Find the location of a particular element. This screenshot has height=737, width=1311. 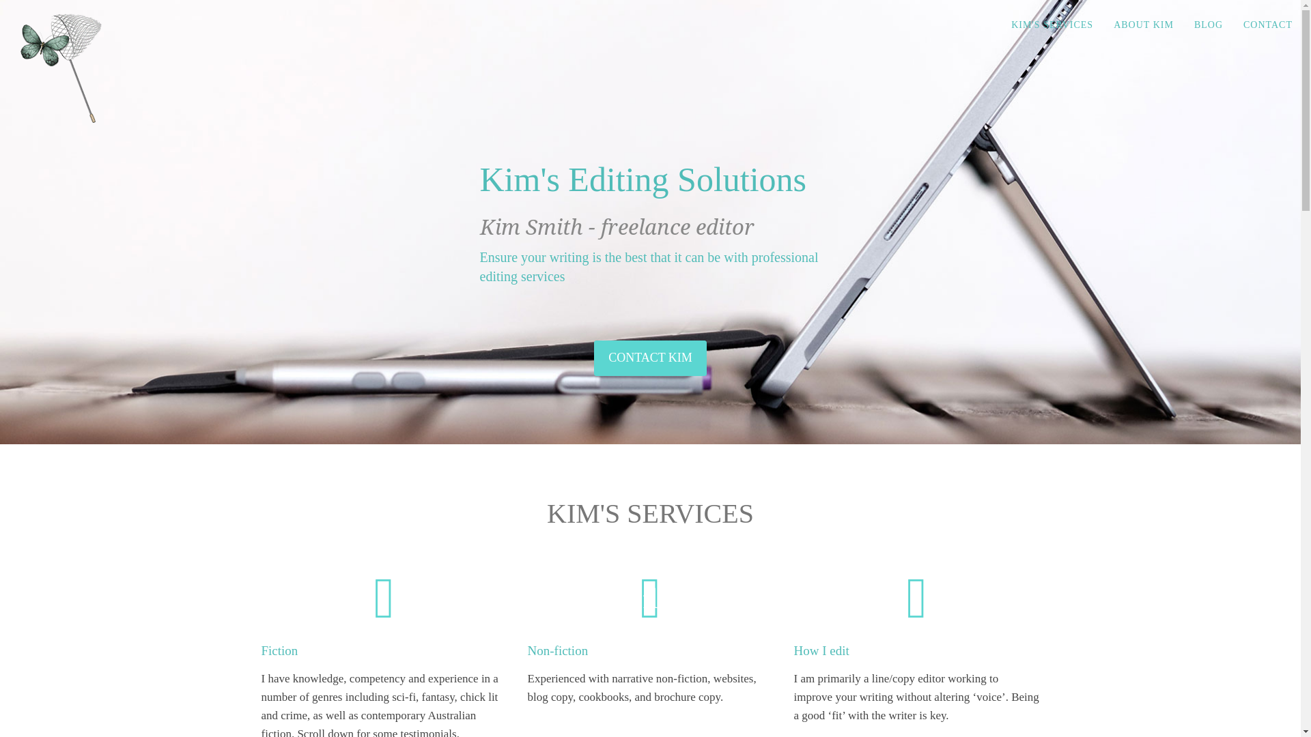

'BLOG' is located at coordinates (1209, 25).